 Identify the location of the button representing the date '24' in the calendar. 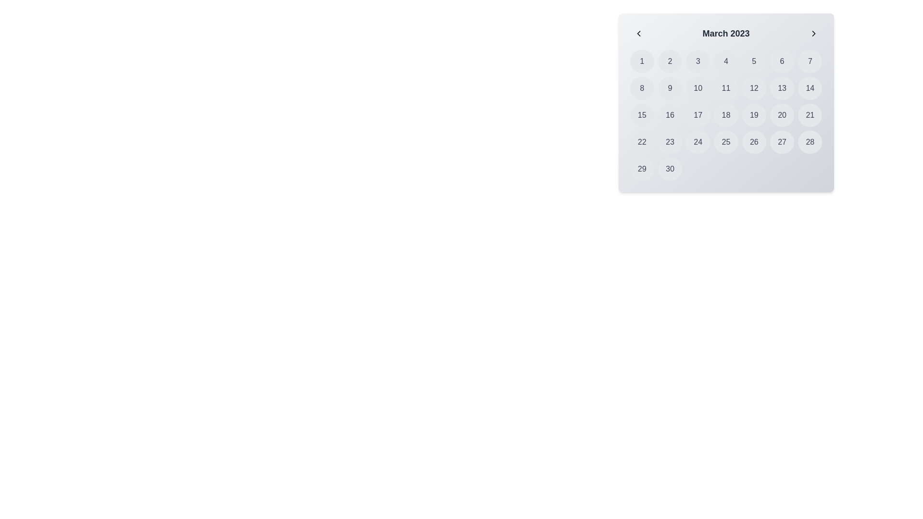
(698, 142).